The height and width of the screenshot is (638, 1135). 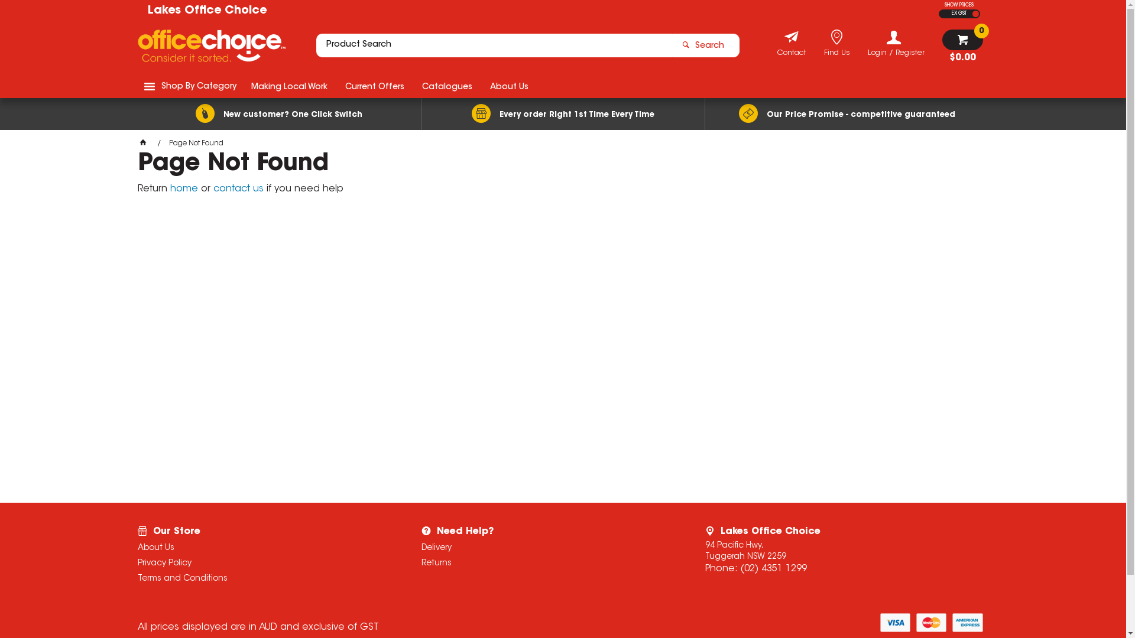 I want to click on 'home', so click(x=170, y=188).